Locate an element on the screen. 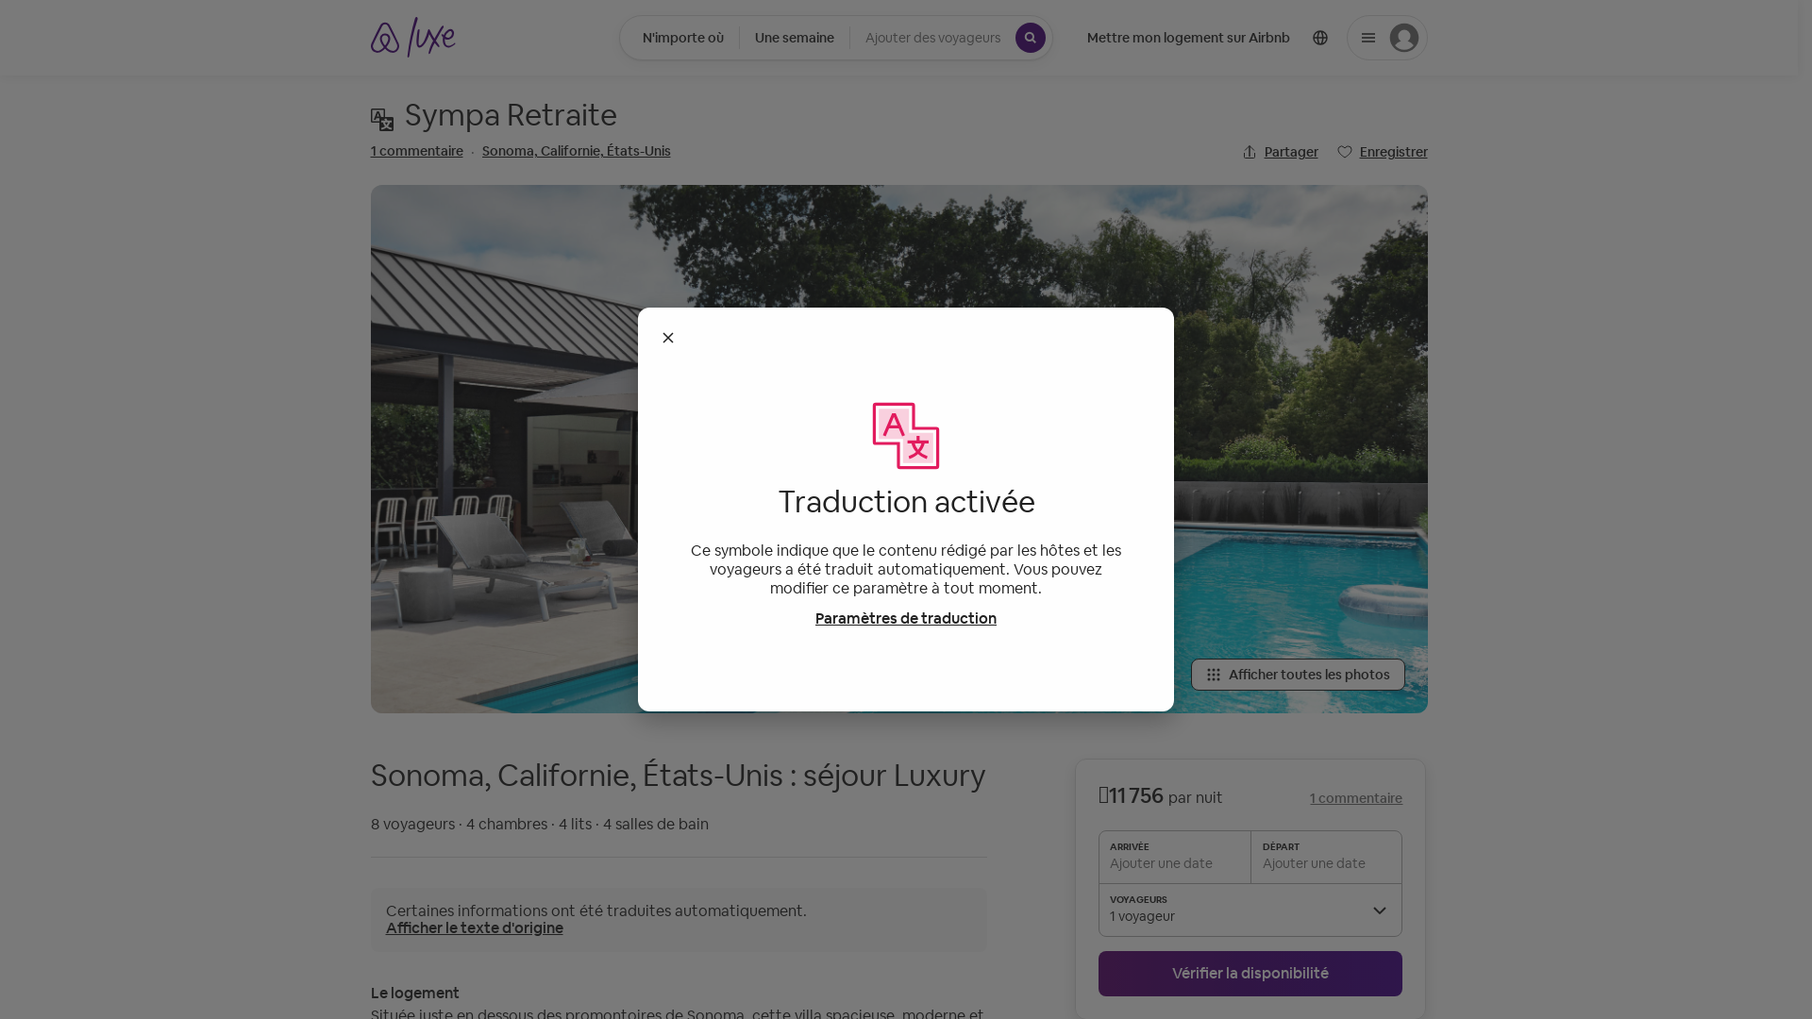 The image size is (1812, 1019). 'Voyageurs is located at coordinates (951, 37).